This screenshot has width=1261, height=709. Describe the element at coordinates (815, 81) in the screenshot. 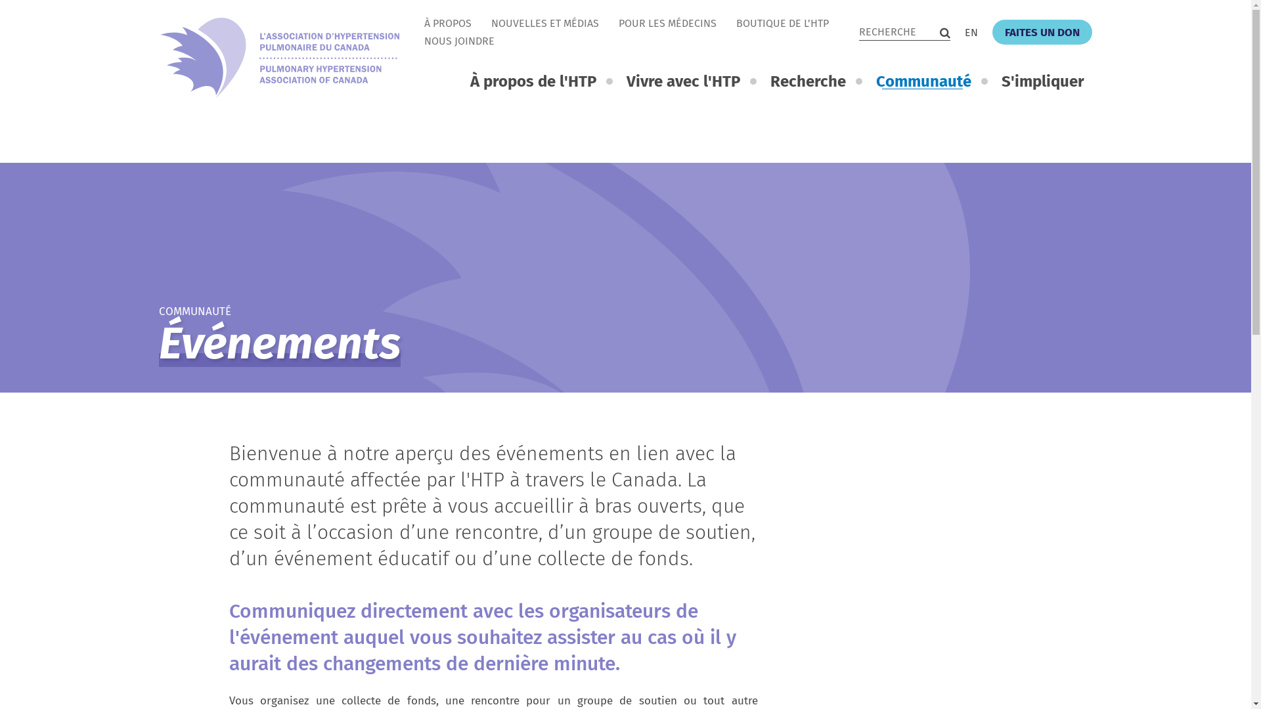

I see `'Recherche'` at that location.